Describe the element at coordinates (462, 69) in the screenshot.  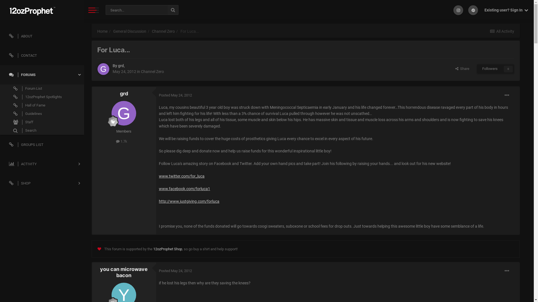
I see `' Share'` at that location.